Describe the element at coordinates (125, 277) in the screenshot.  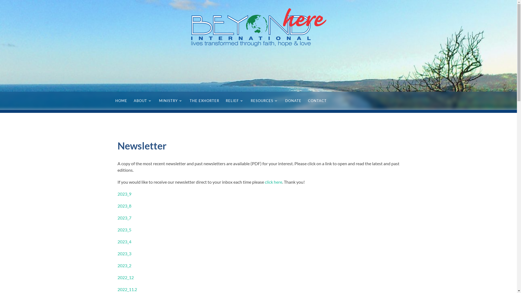
I see `'2022_12'` at that location.